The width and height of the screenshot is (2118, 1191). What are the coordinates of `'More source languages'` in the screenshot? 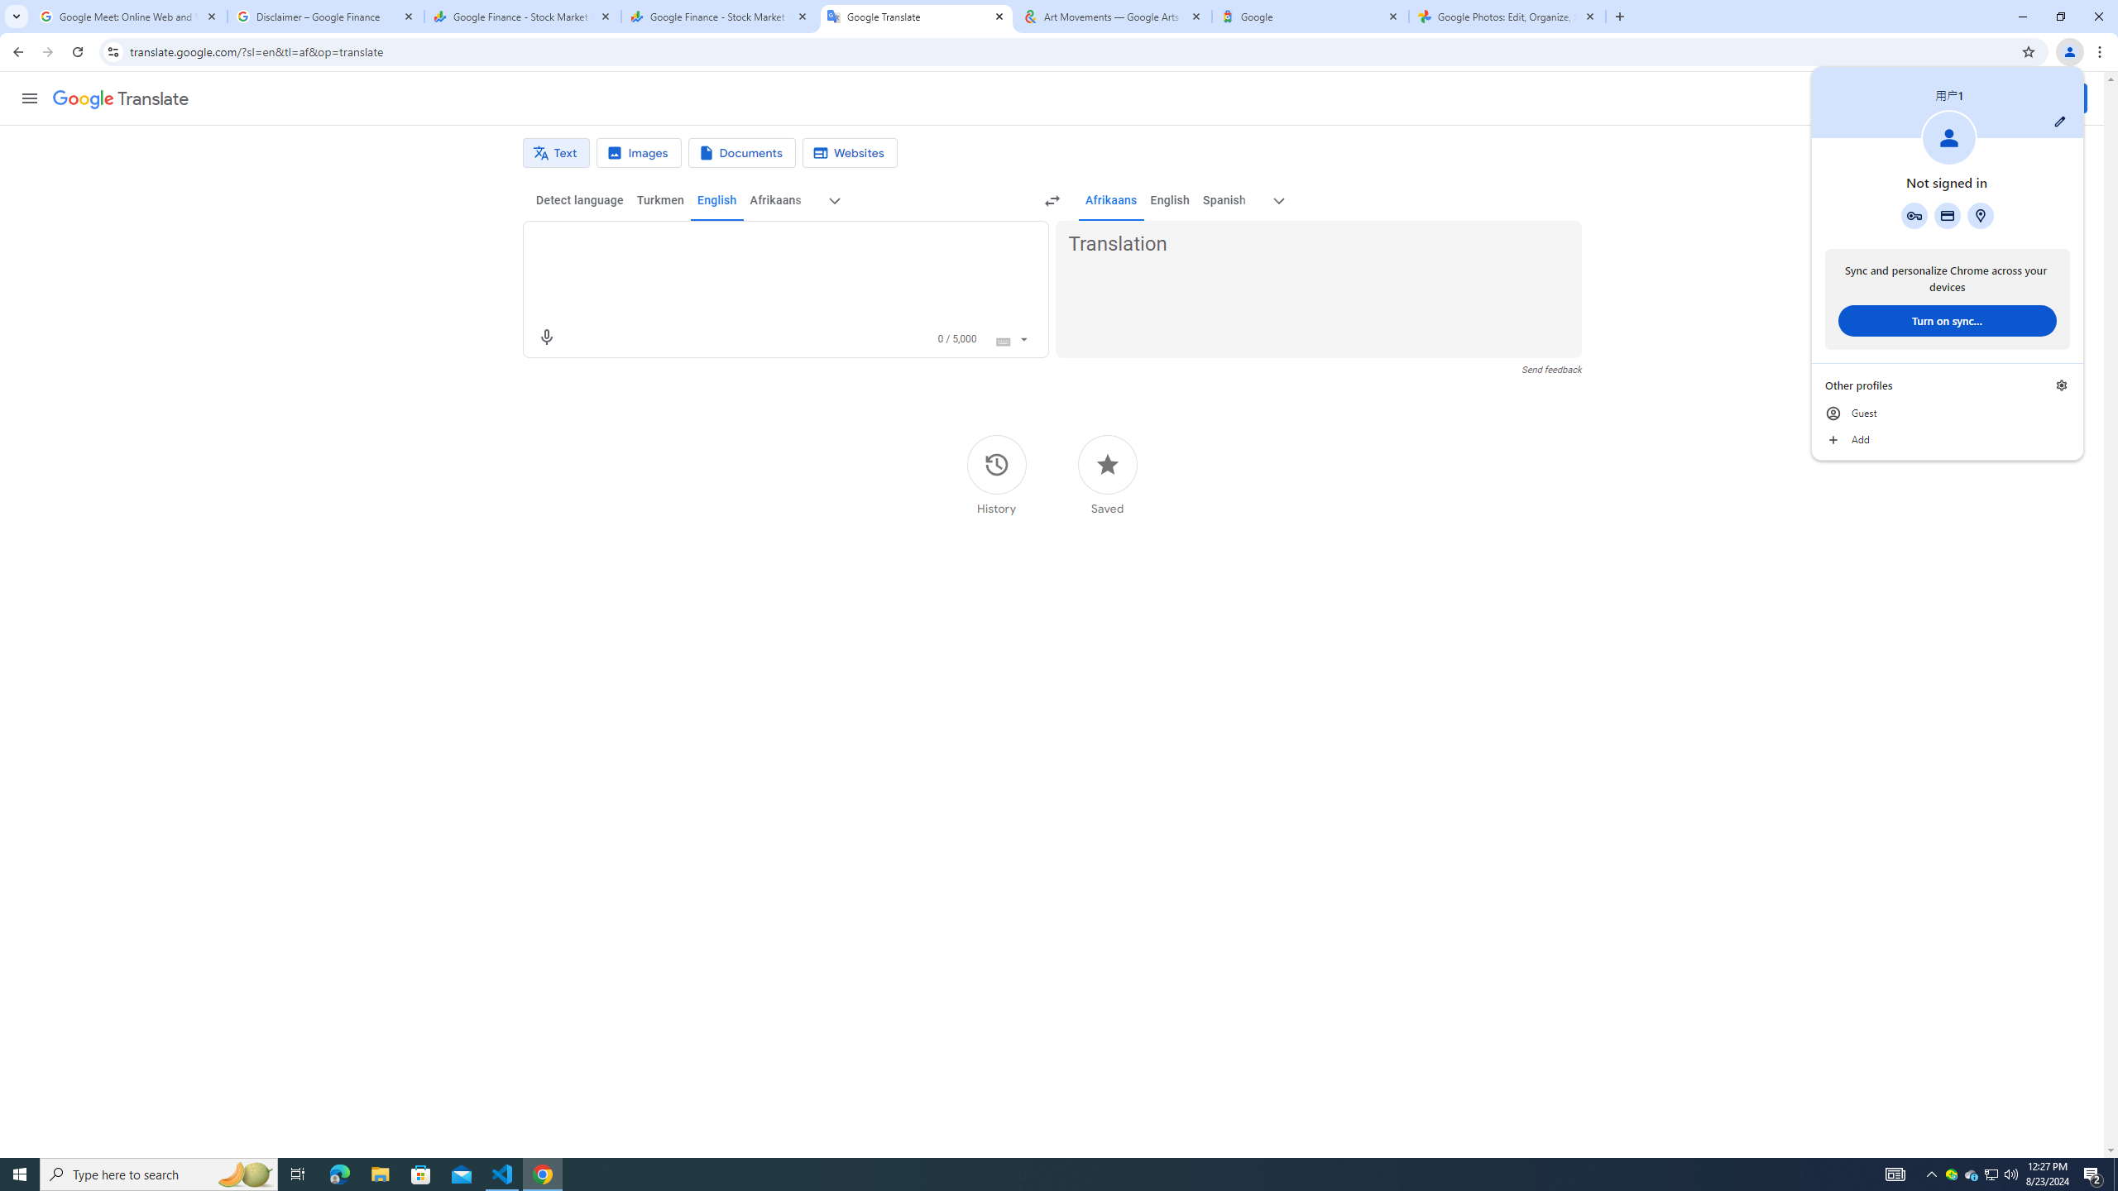 It's located at (833, 200).